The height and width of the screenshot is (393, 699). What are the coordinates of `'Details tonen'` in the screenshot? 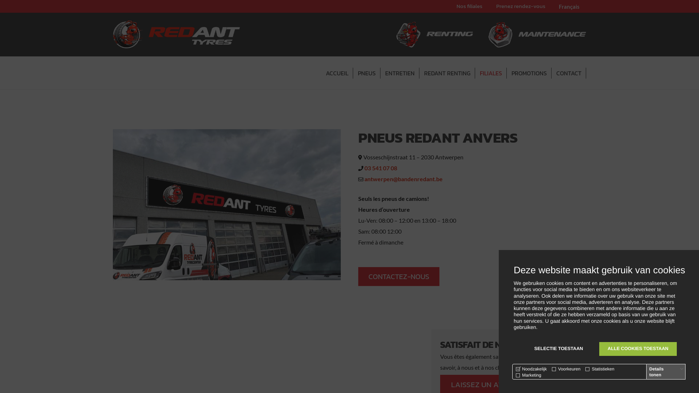 It's located at (666, 372).